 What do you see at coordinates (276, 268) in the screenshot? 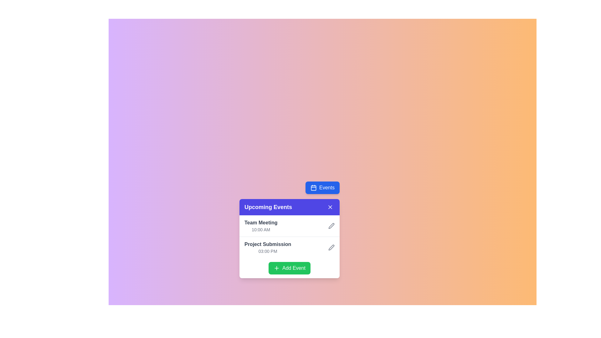
I see `the green plus icon located to the left of the 'Add Event' text on the green rectangular button to initiate adding an event` at bounding box center [276, 268].